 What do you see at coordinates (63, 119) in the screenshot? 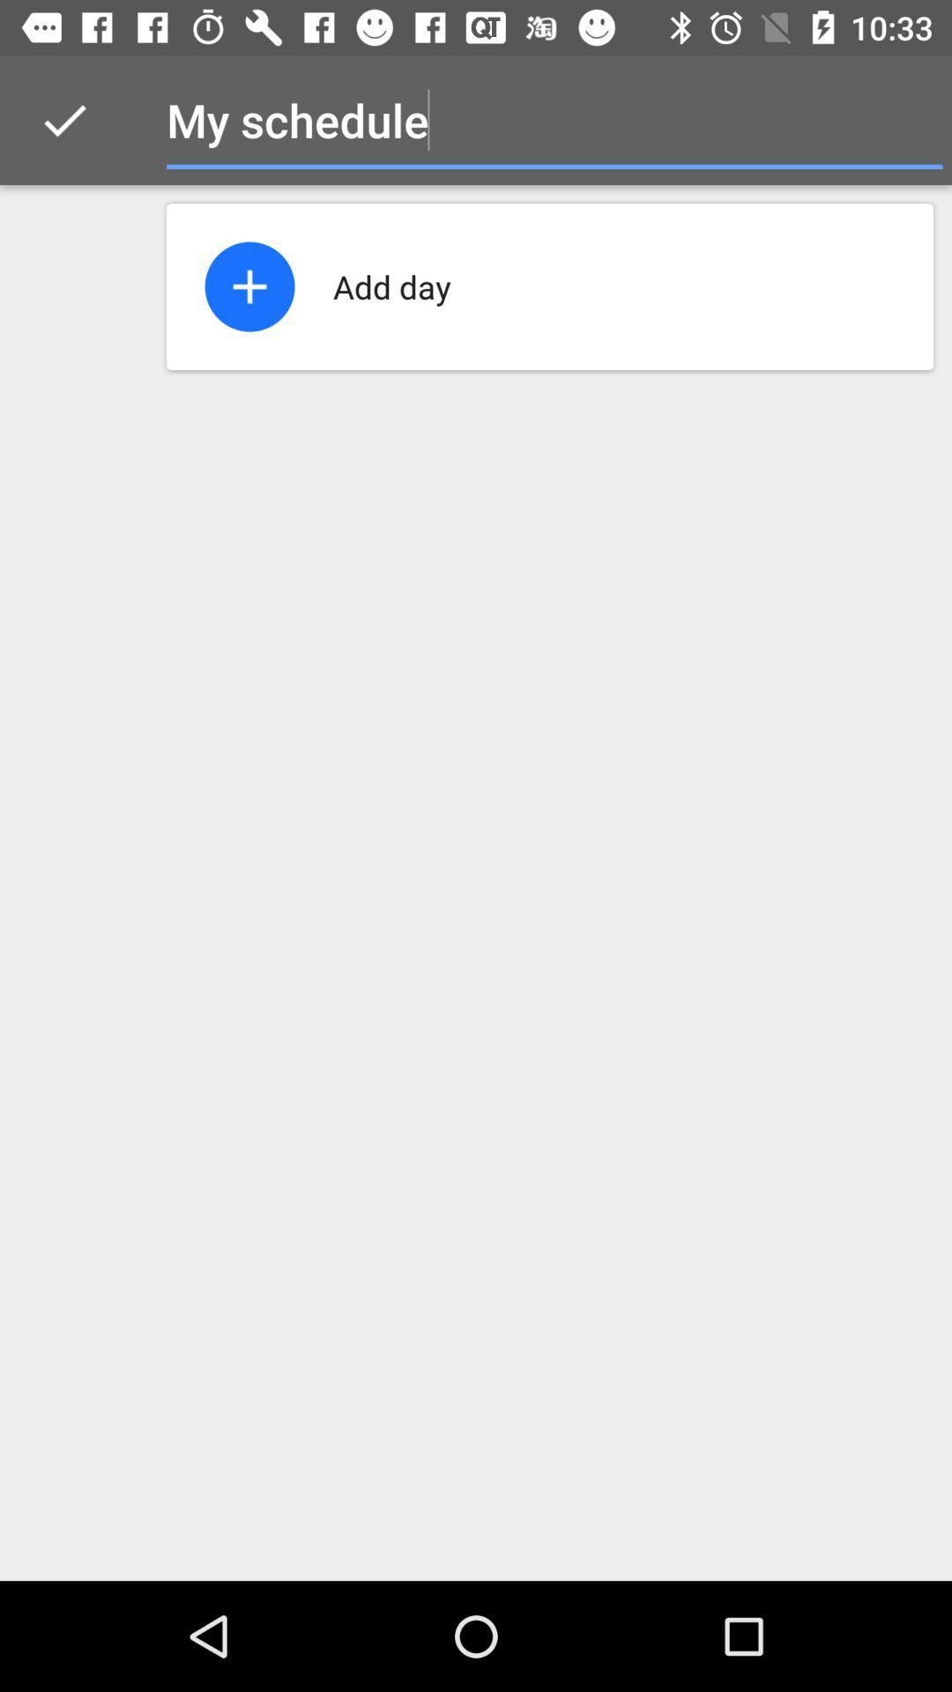
I see `the icon next to my schedule` at bounding box center [63, 119].